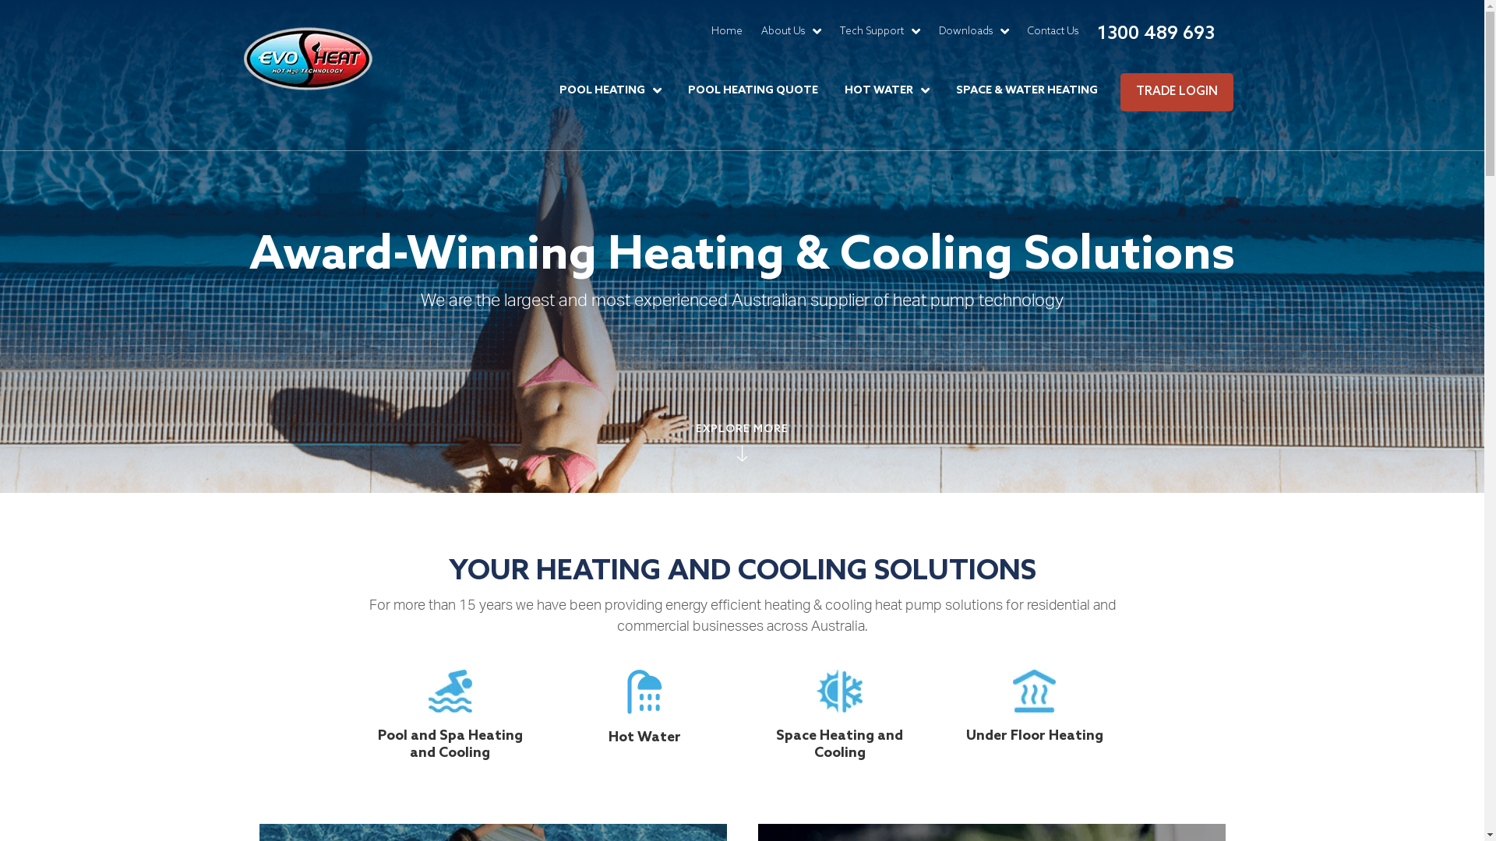 Image resolution: width=1496 pixels, height=841 pixels. Describe the element at coordinates (815, 669) in the screenshot. I see `'icon-space-heating'` at that location.